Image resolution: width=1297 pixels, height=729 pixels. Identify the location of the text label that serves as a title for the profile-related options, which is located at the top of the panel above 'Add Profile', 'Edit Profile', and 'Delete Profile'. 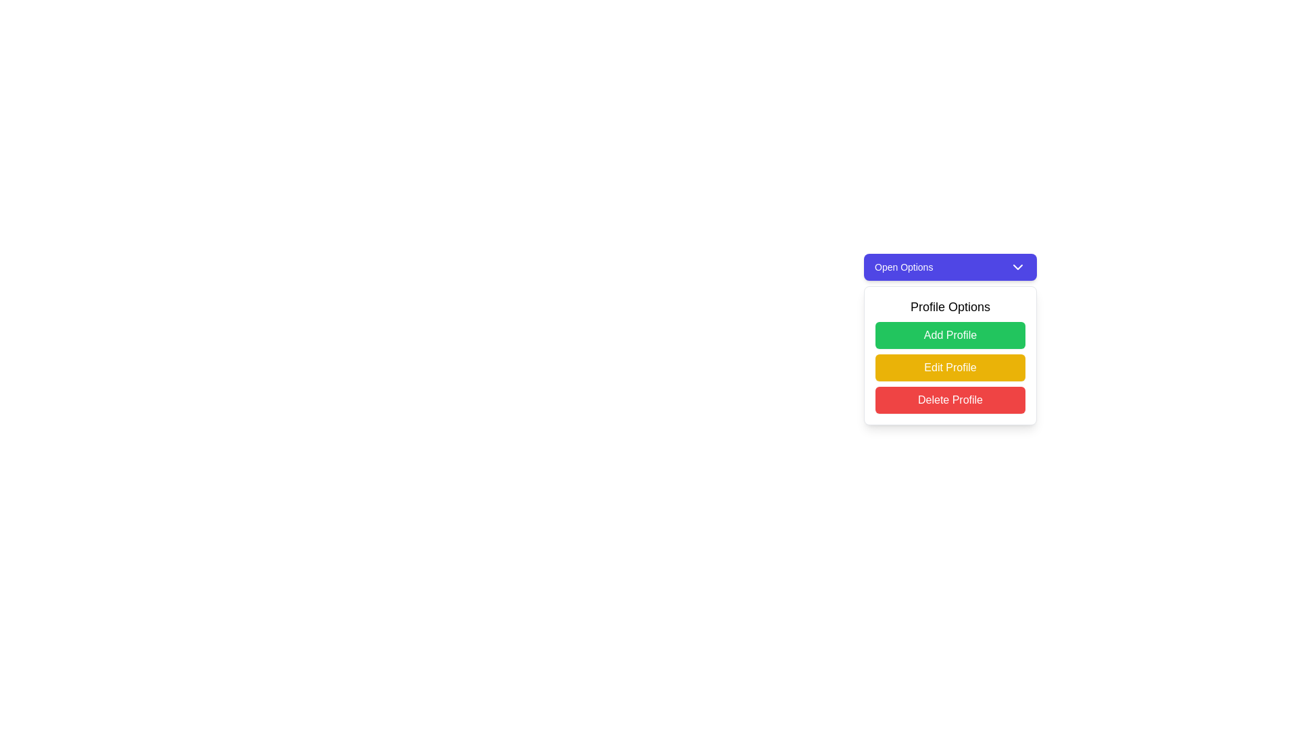
(949, 307).